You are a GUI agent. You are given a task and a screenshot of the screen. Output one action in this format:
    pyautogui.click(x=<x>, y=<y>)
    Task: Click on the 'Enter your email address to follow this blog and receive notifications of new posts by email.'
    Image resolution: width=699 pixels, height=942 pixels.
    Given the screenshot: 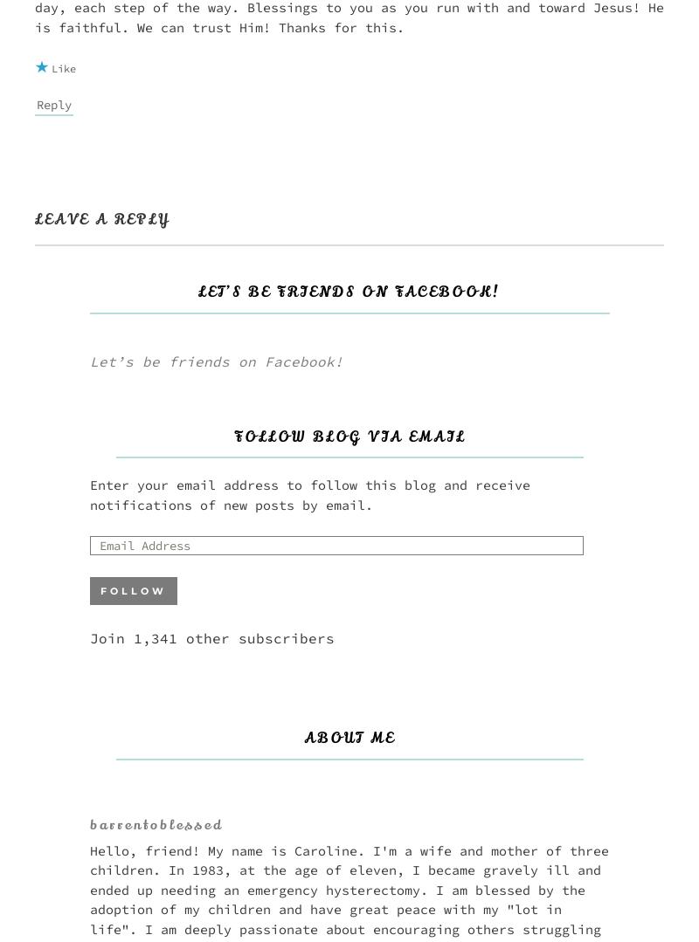 What is the action you would take?
    pyautogui.click(x=309, y=493)
    